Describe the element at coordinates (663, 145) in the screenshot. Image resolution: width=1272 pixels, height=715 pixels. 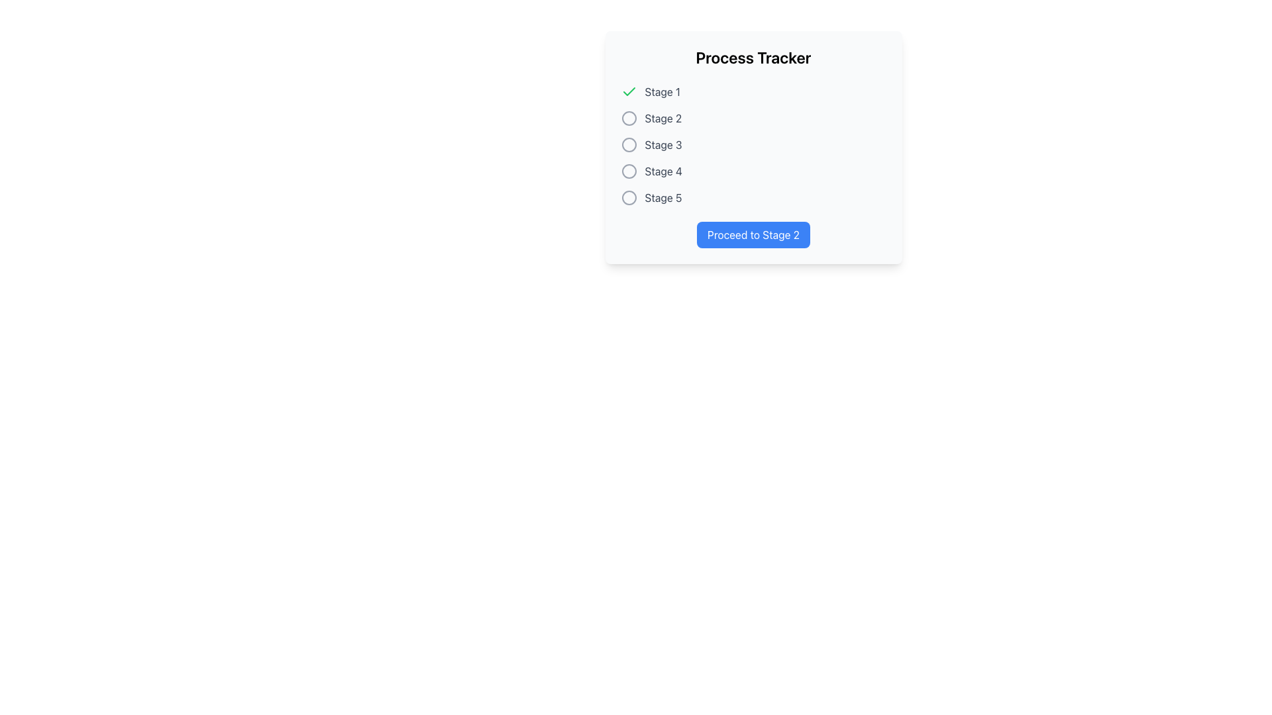
I see `the label indicating the third stage in the process tracker UI, located in the center-right region of the interface` at that location.